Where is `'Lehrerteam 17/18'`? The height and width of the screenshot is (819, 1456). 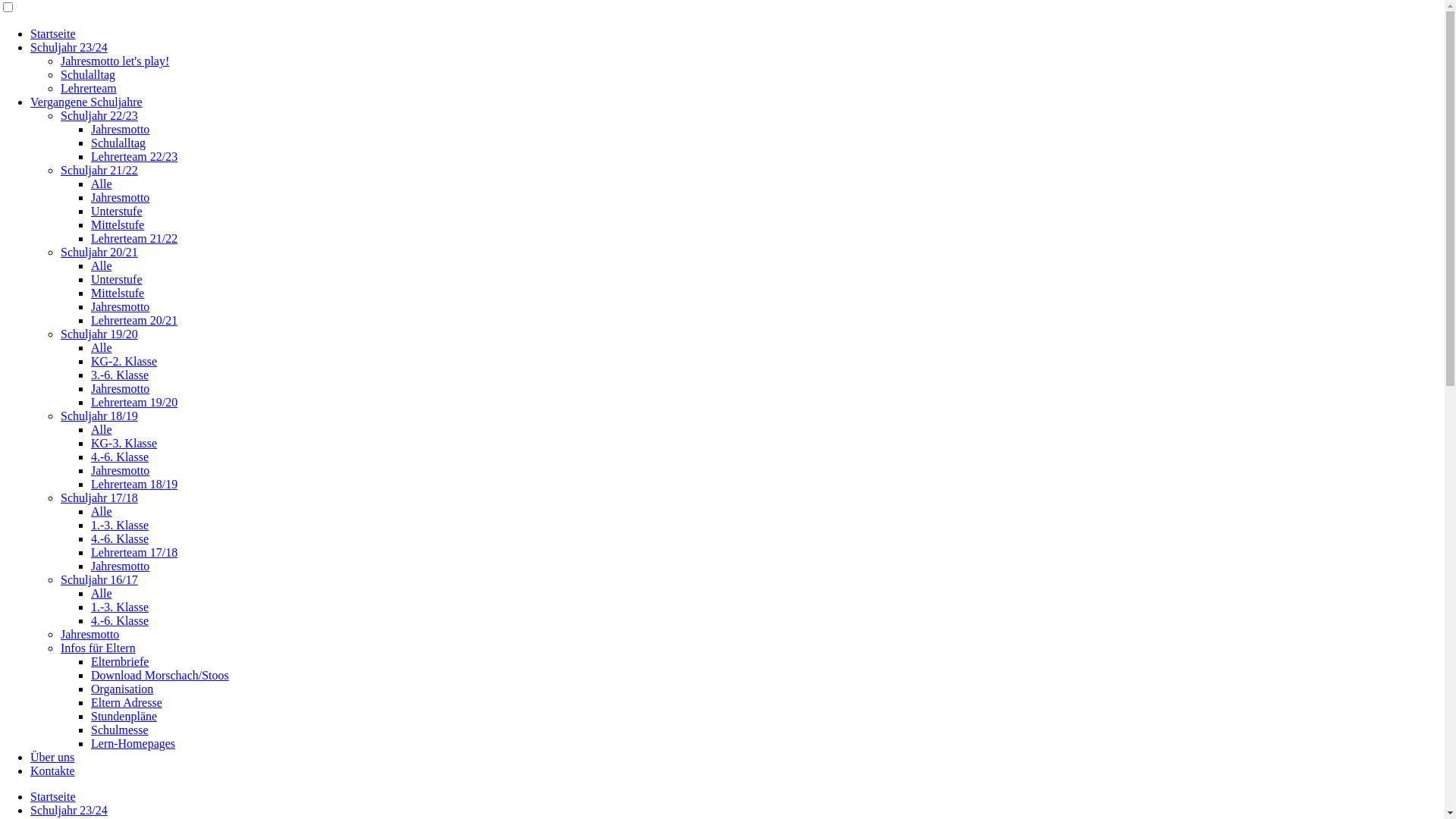
'Lehrerteam 17/18' is located at coordinates (90, 552).